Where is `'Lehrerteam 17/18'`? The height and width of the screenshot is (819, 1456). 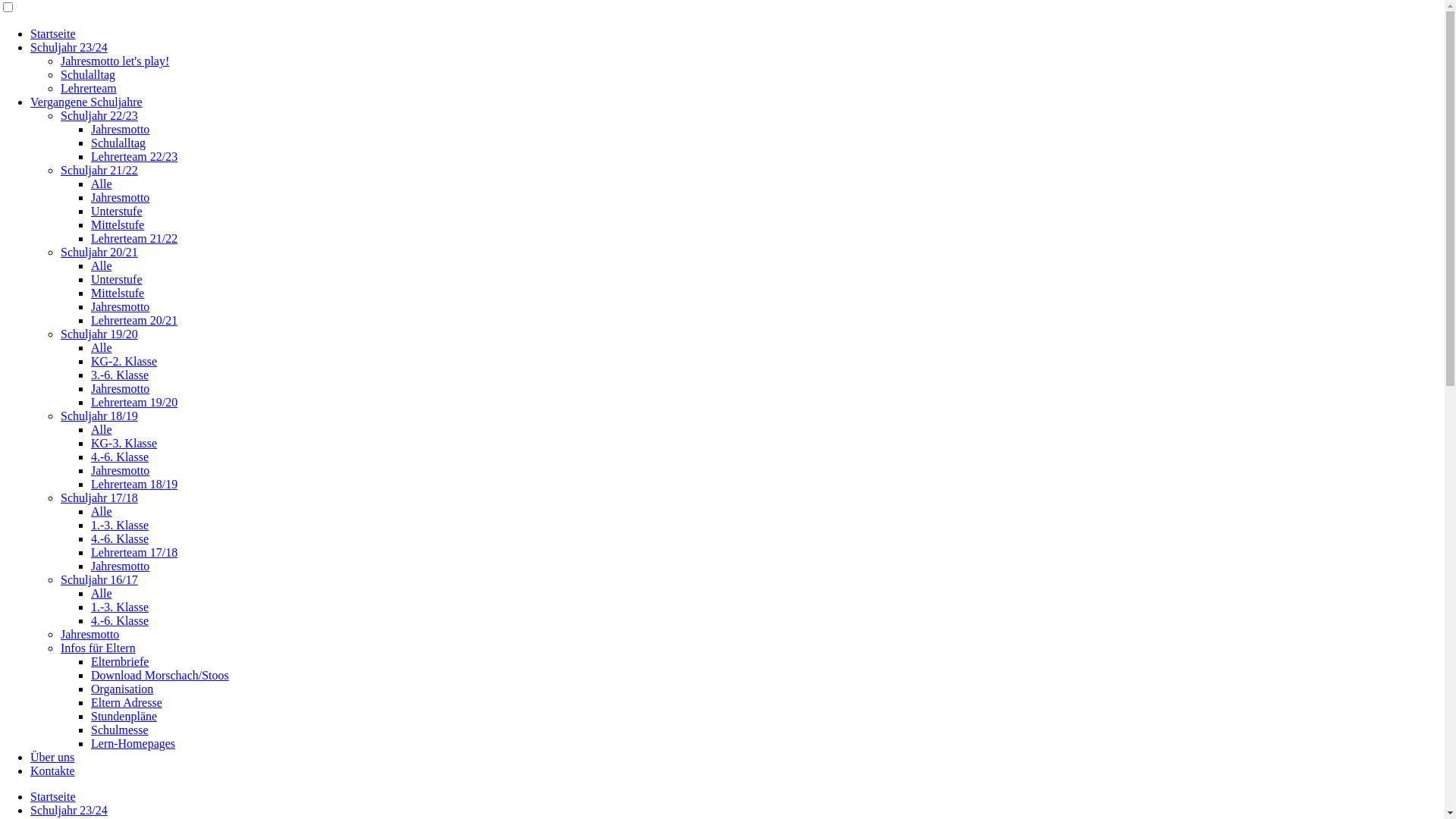
'Lehrerteam 17/18' is located at coordinates (90, 552).